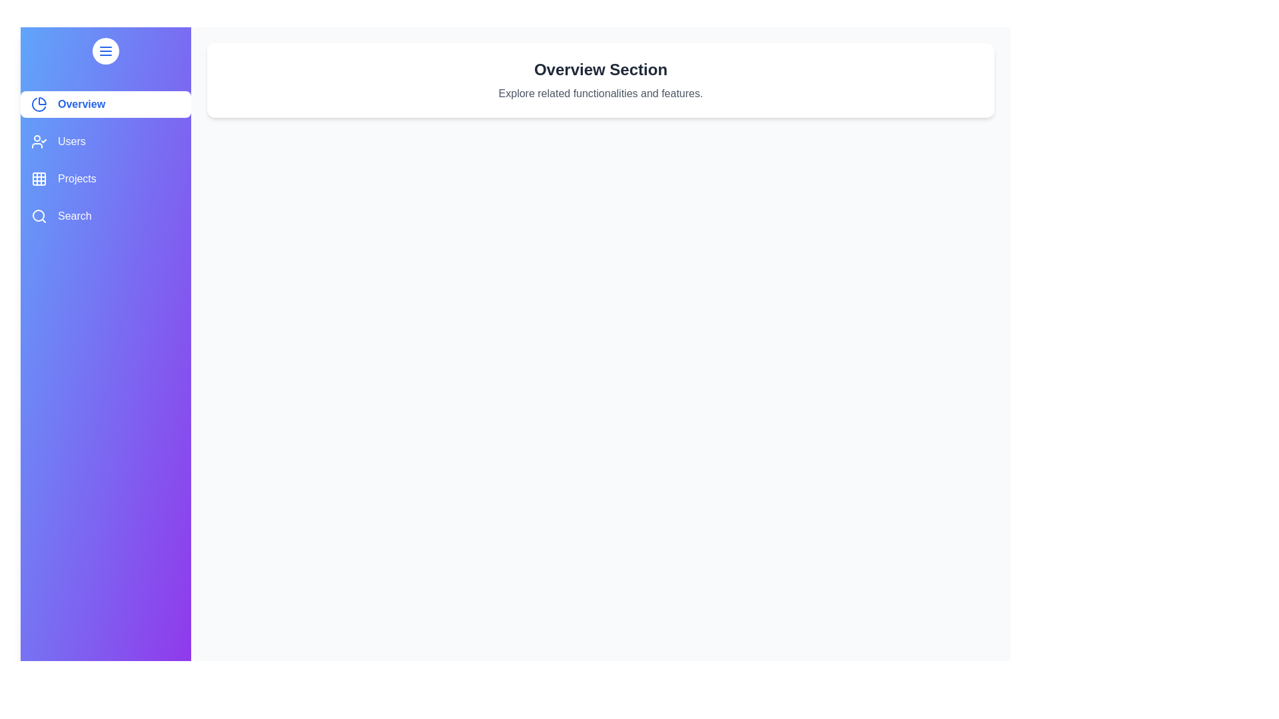  Describe the element at coordinates (105, 51) in the screenshot. I see `menu button to toggle the sidebar visibility` at that location.